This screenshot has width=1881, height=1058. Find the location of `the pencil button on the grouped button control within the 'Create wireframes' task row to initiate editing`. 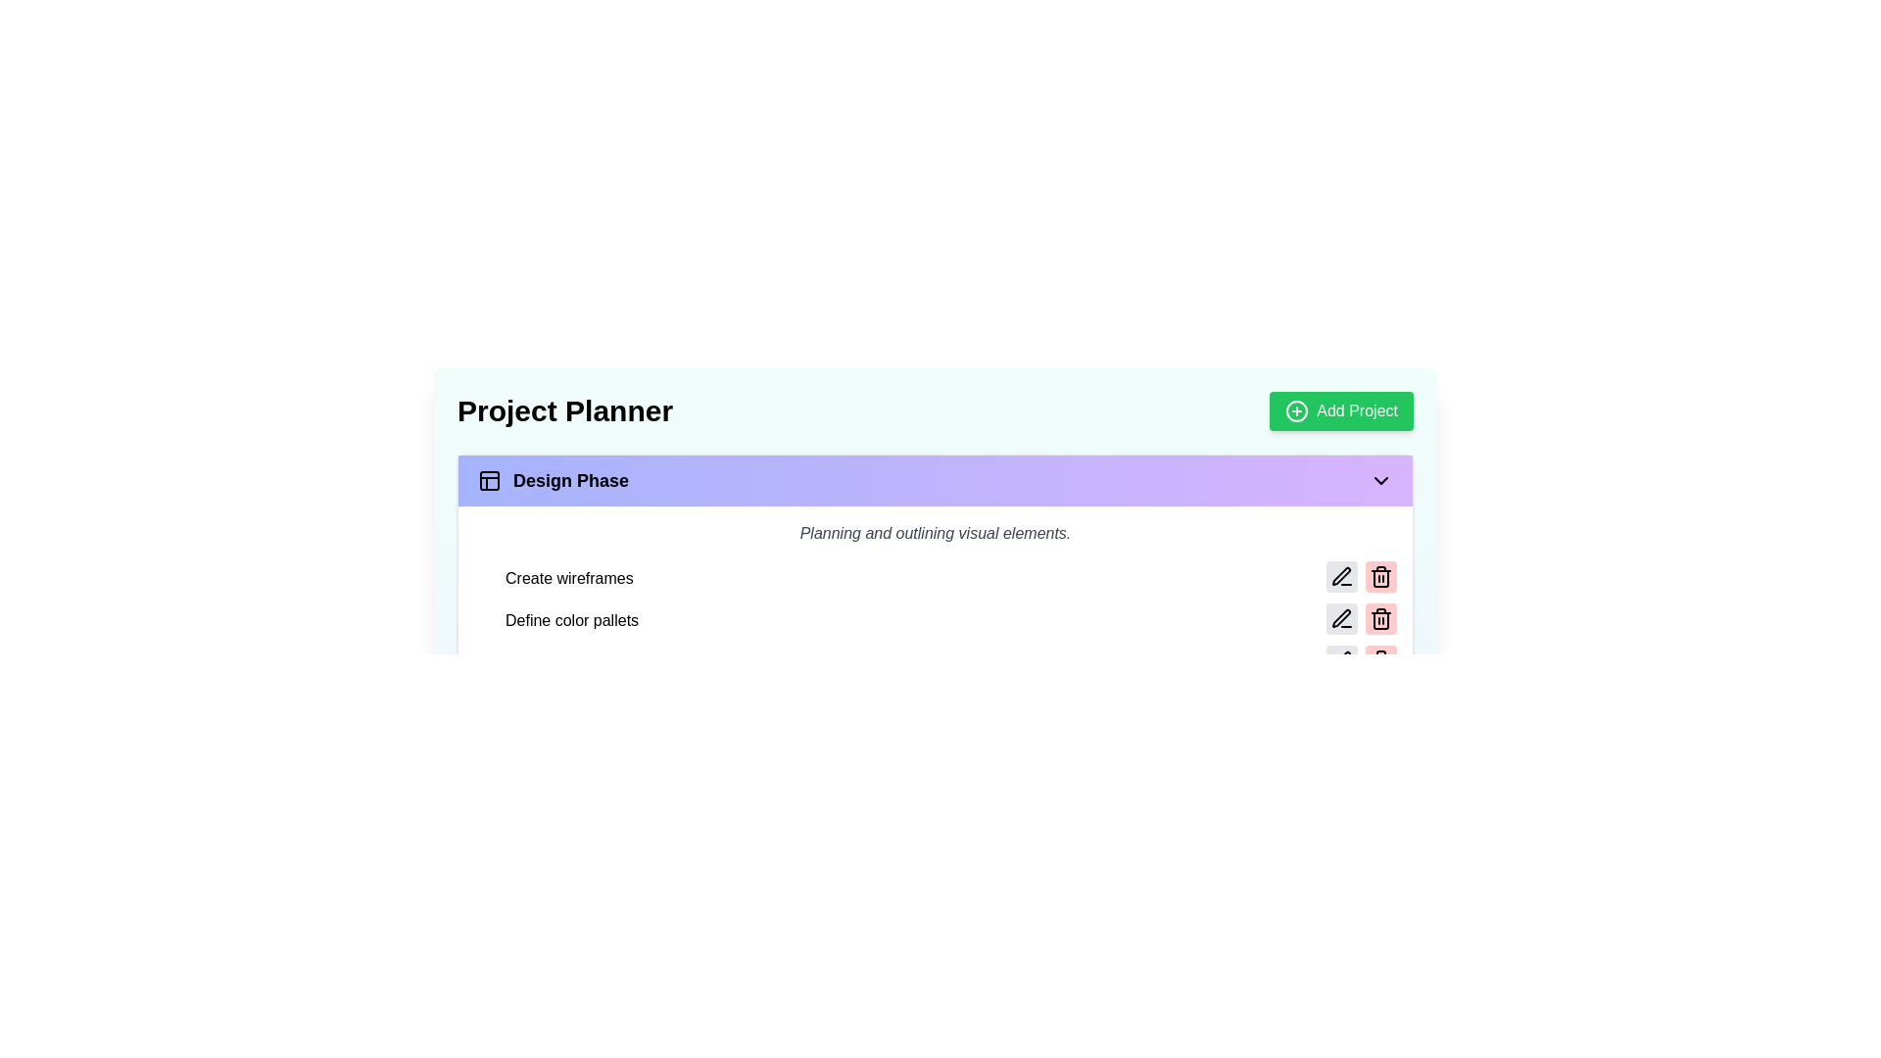

the pencil button on the grouped button control within the 'Create wireframes' task row to initiate editing is located at coordinates (1361, 577).